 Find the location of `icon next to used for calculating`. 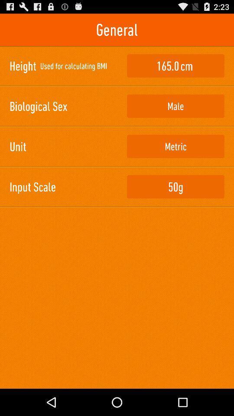

icon next to used for calculating is located at coordinates (175, 65).